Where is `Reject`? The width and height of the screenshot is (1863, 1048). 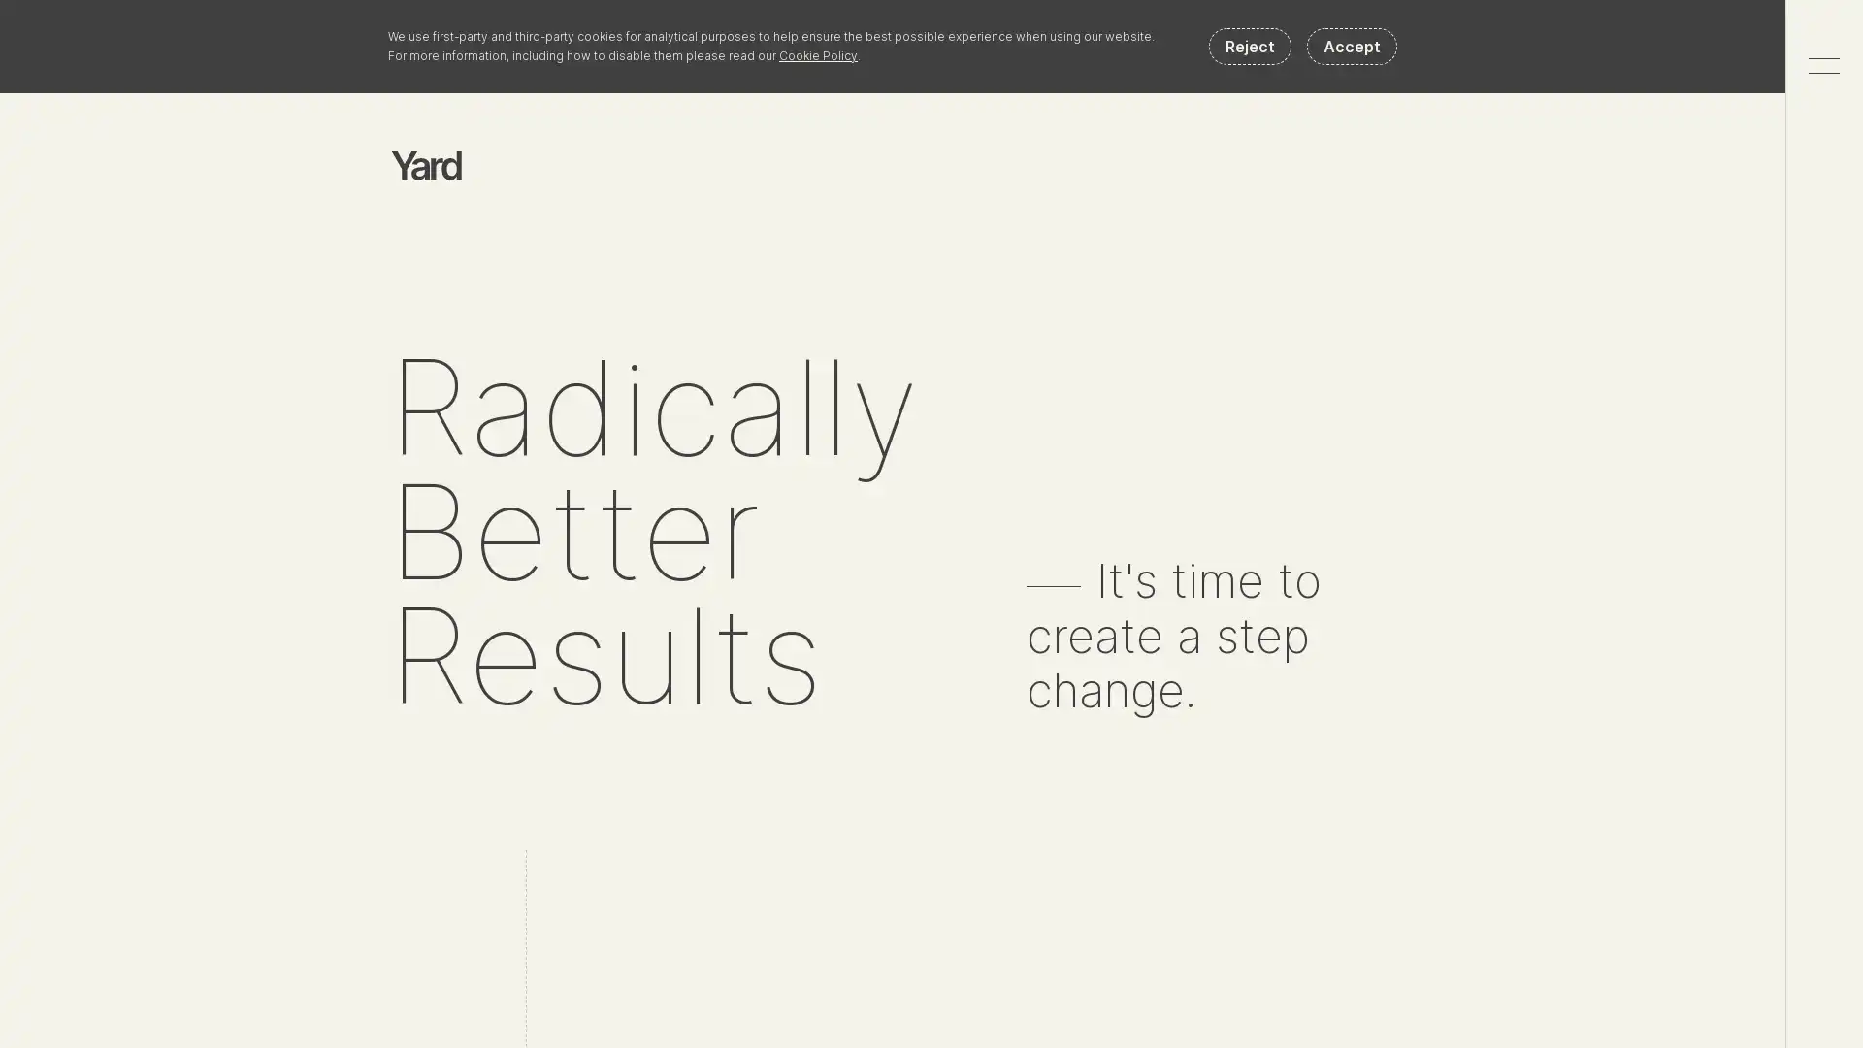 Reject is located at coordinates (1250, 45).